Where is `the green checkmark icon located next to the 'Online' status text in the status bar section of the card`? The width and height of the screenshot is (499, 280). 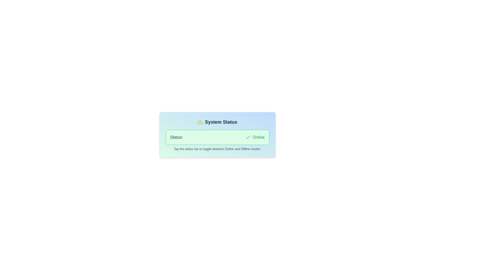
the green checkmark icon located next to the 'Online' status text in the status bar section of the card is located at coordinates (248, 137).